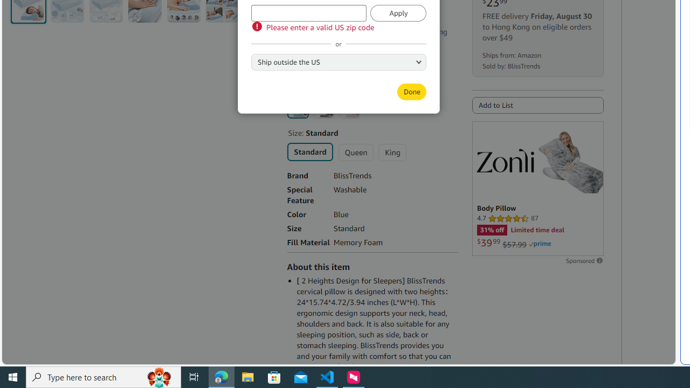 The width and height of the screenshot is (690, 388). I want to click on 'Logo', so click(505, 160).